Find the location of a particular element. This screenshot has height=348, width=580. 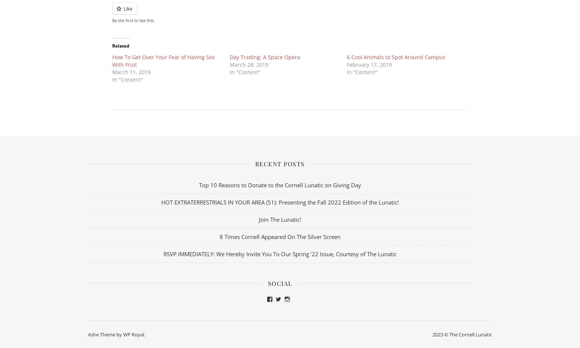

'RSVP IMMEDIATELY: We Hereby Invite You To Our Spring ’22 Issue, Courtesy of The Lunatic' is located at coordinates (280, 253).